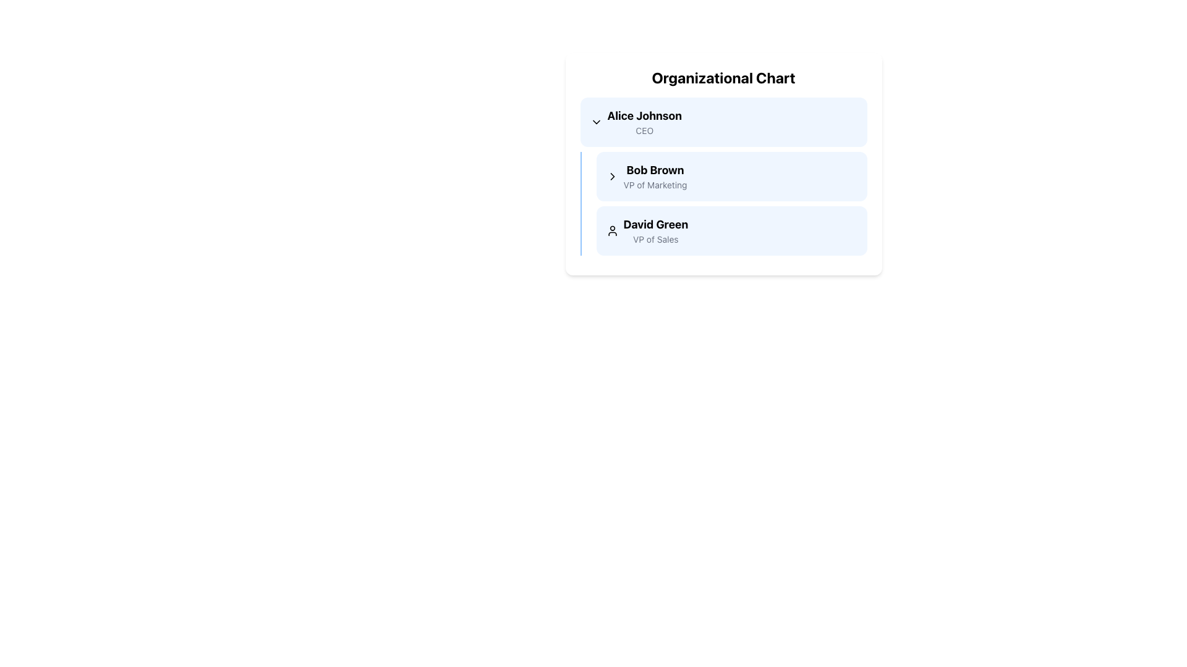  I want to click on the text label providing additional information for 'Bob Brown', identified as 'VP of Marketing', so click(655, 185).